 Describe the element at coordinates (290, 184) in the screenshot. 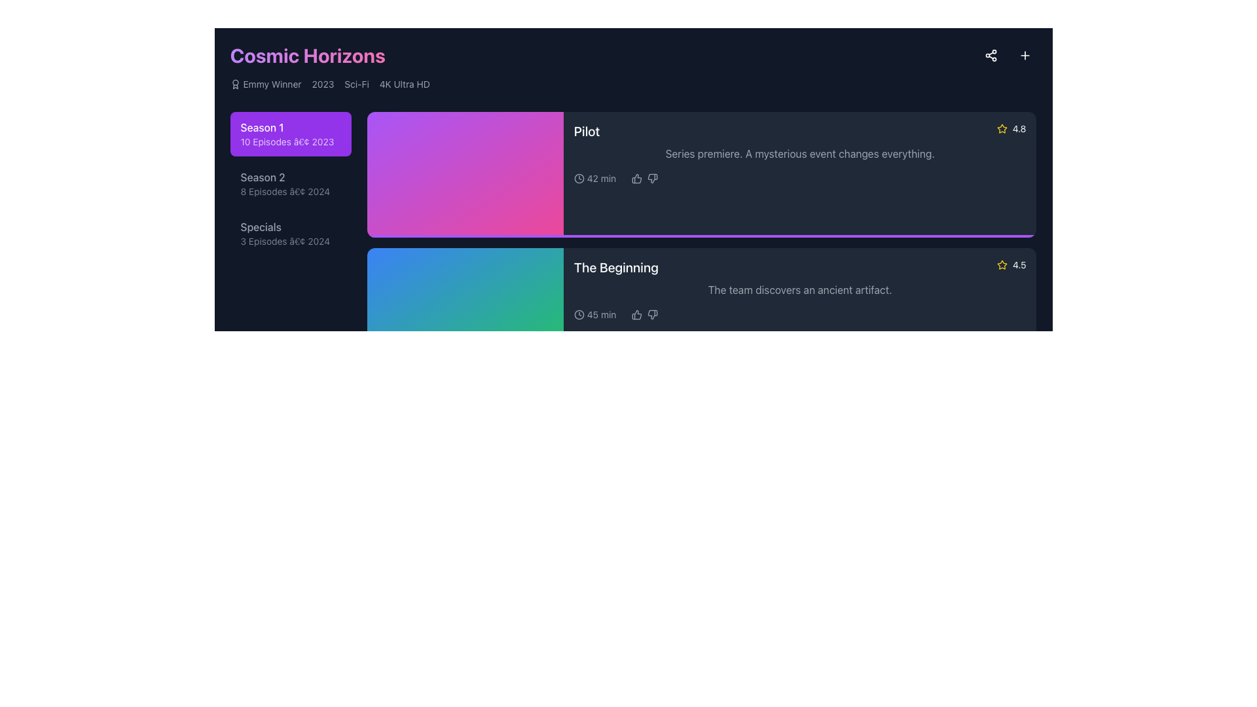

I see `the interactive block labeled 'Season 2'` at that location.